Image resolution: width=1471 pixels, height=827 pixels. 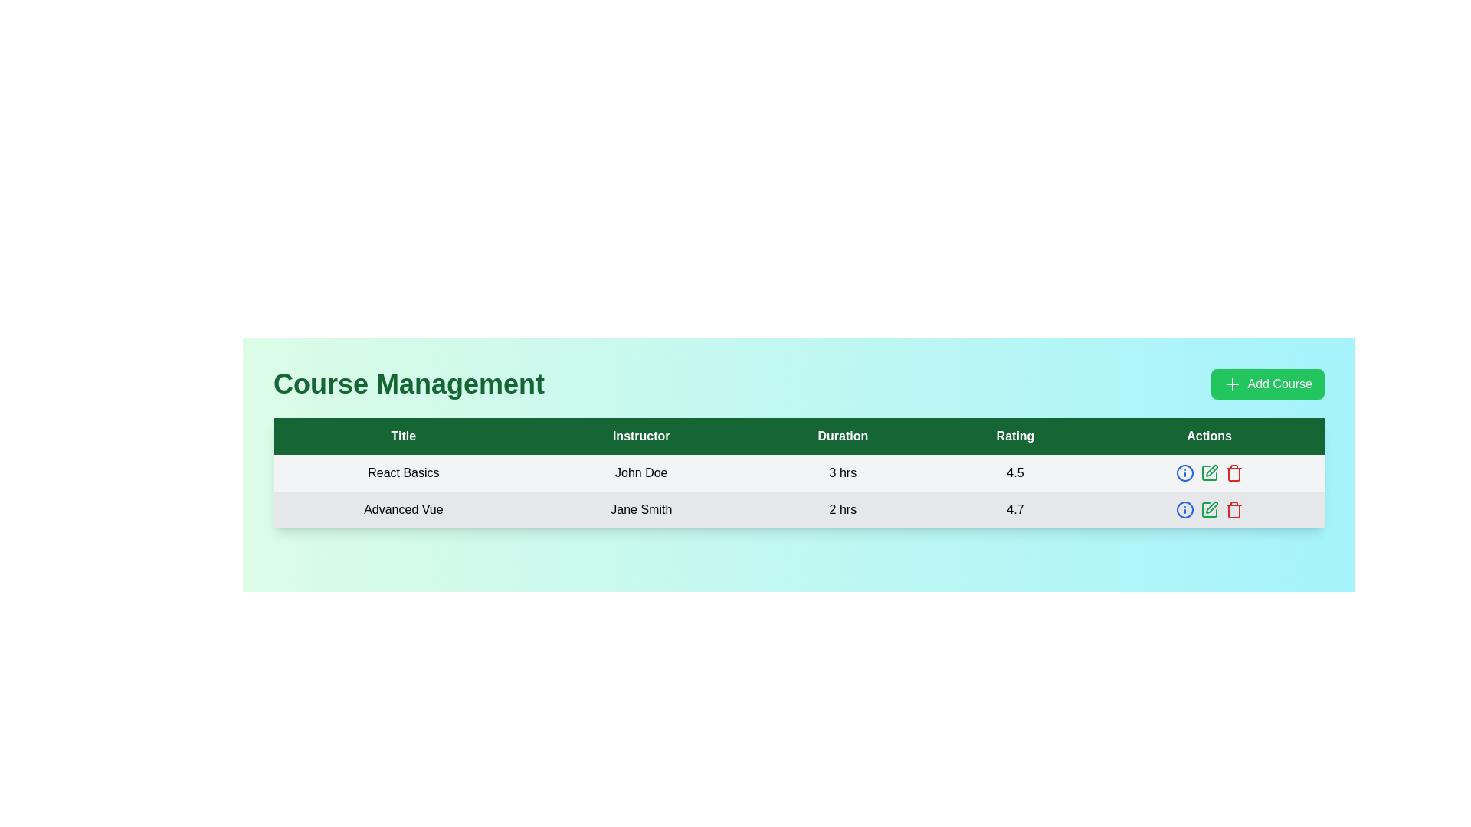 I want to click on text from the Table Header Cell, which has a green background and white centered text reading 'Title'. This cell is located in the first column of the table header, above the 'React Basics' entry, so click(x=403, y=436).